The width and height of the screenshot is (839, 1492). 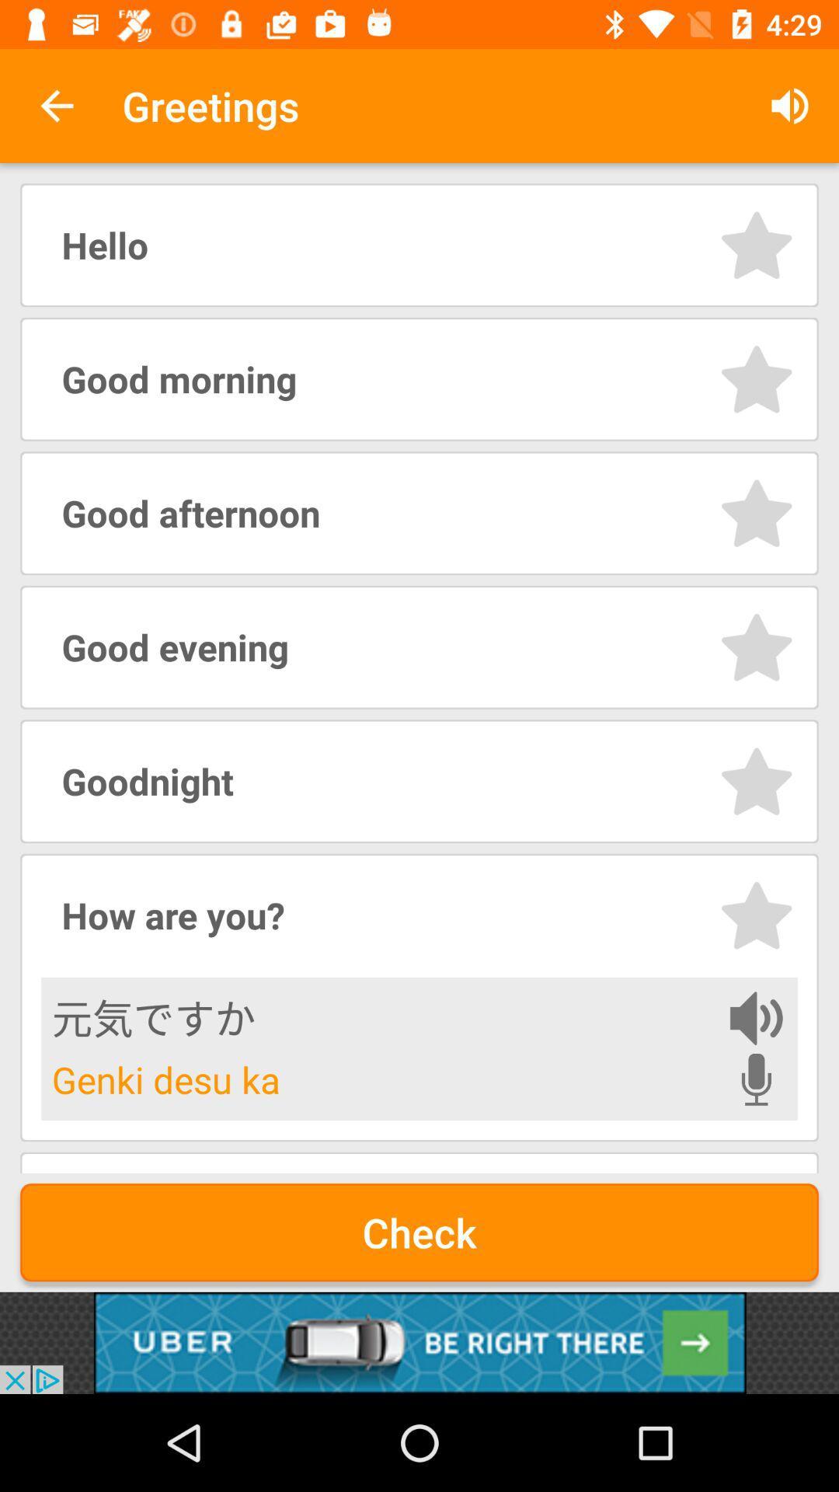 What do you see at coordinates (419, 1342) in the screenshot?
I see `advertisement link` at bounding box center [419, 1342].